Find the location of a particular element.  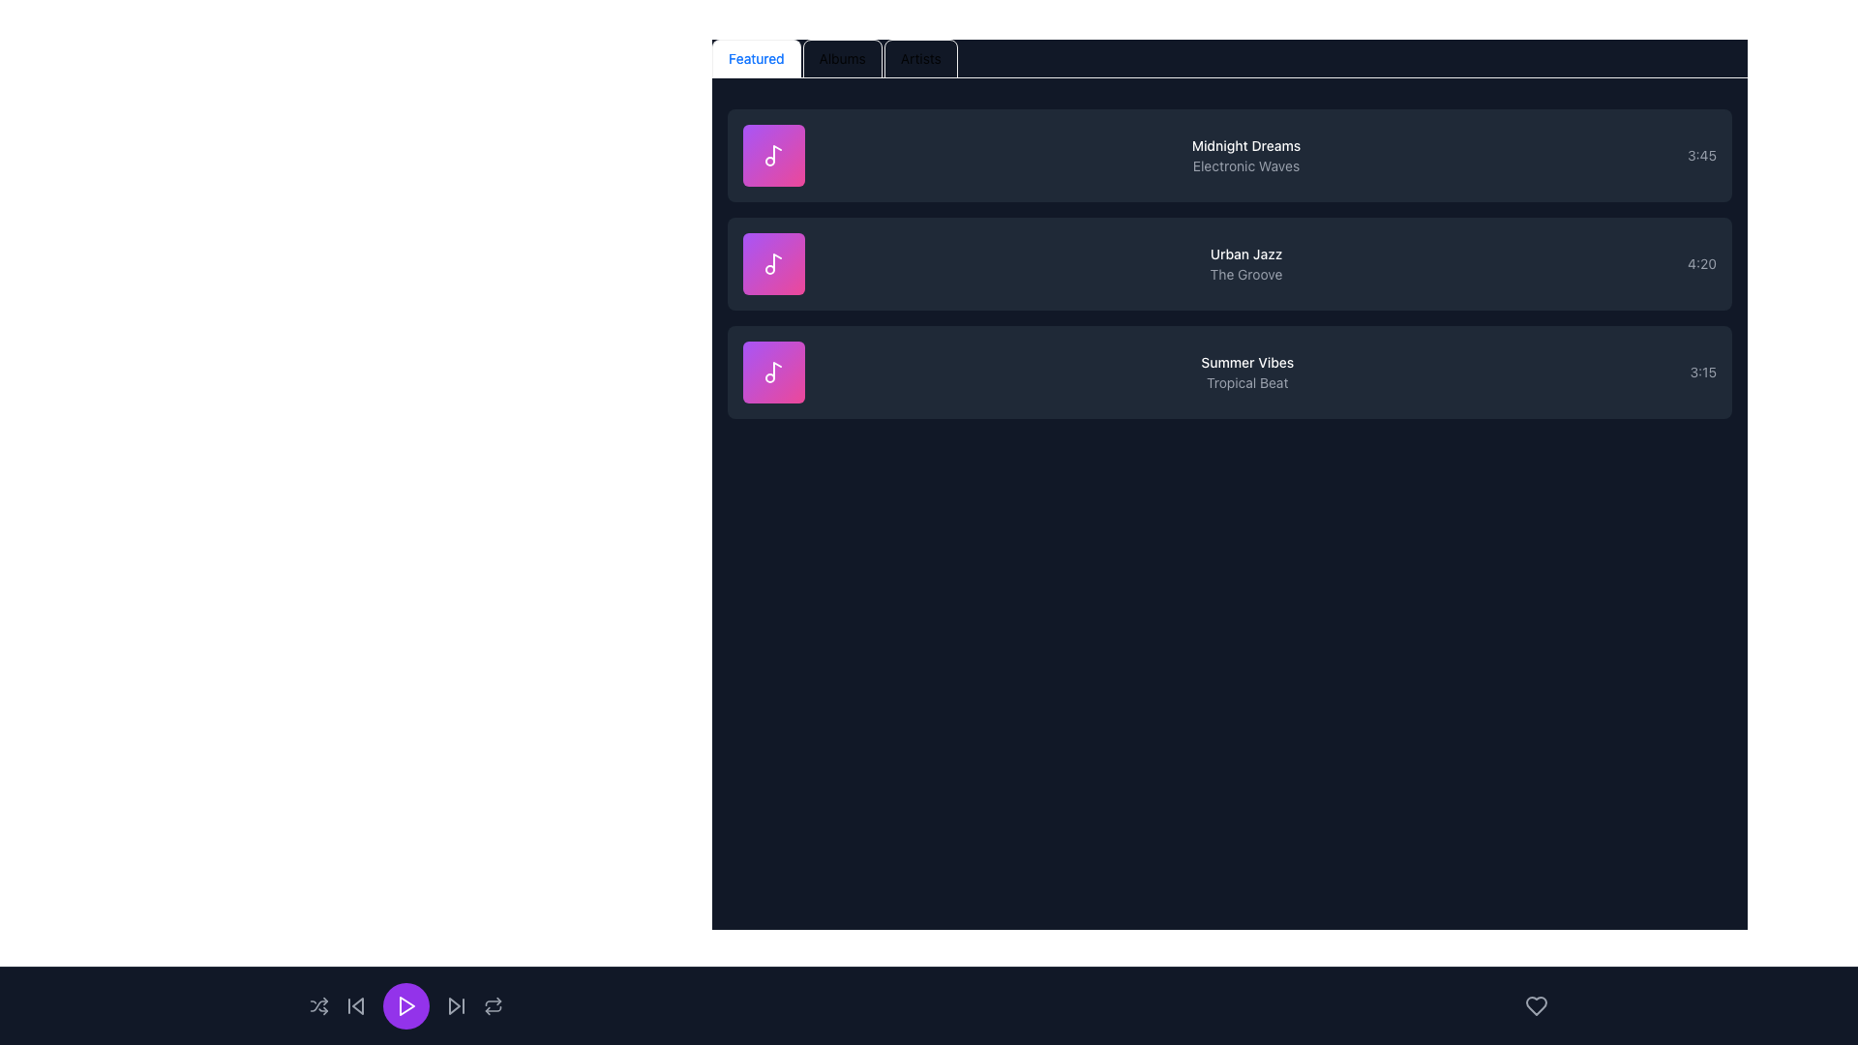

the text display element titled 'Midnight Dreams' with the subtitle 'Electronic Waves' is located at coordinates (1245, 155).